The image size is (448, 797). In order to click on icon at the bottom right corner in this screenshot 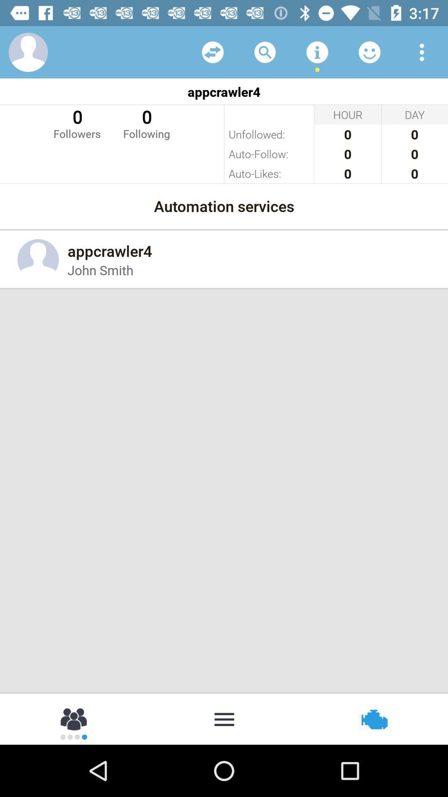, I will do `click(373, 718)`.